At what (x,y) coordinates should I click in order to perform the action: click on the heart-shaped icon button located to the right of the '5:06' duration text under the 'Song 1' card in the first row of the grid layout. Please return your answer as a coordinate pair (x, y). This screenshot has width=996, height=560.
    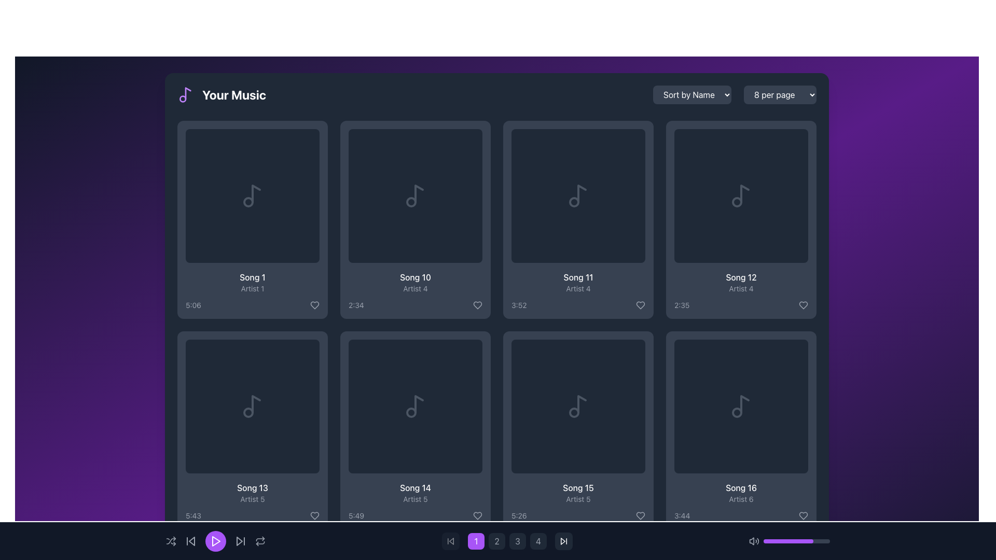
    Looking at the image, I should click on (314, 305).